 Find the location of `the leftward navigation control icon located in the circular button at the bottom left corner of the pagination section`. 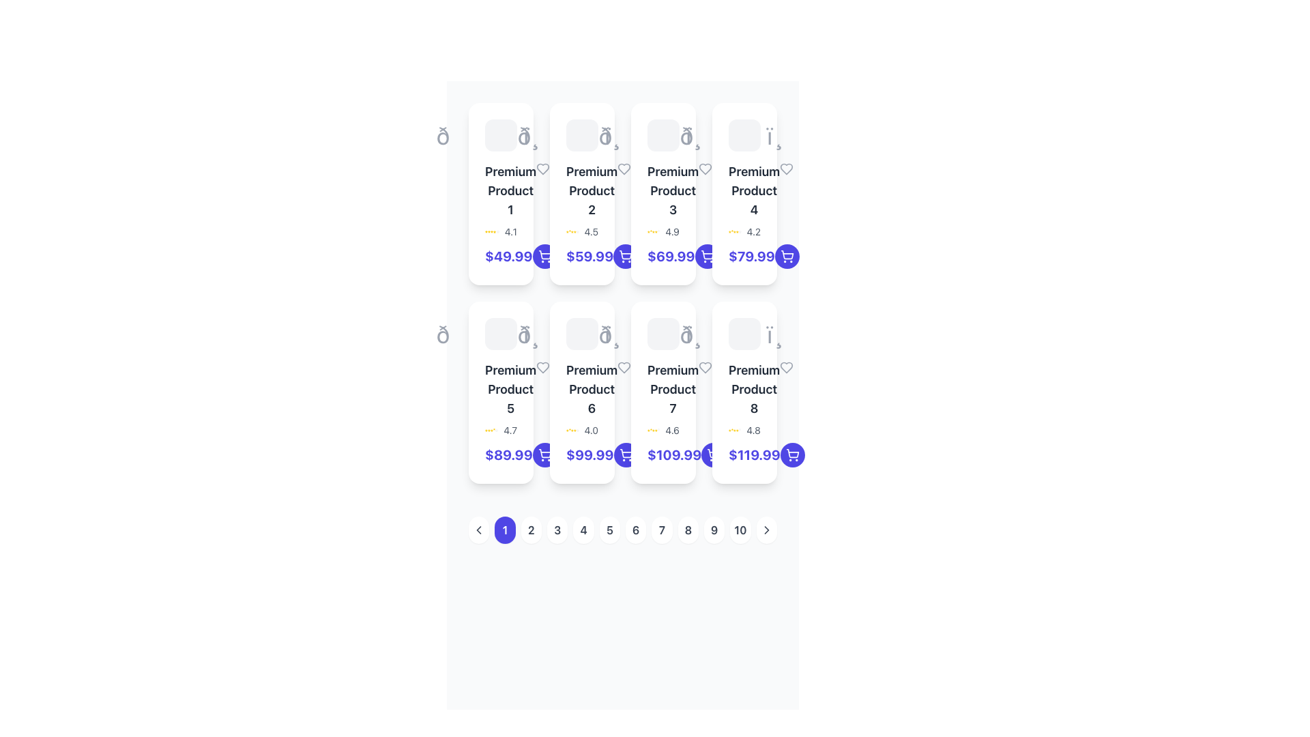

the leftward navigation control icon located in the circular button at the bottom left corner of the pagination section is located at coordinates (479, 529).